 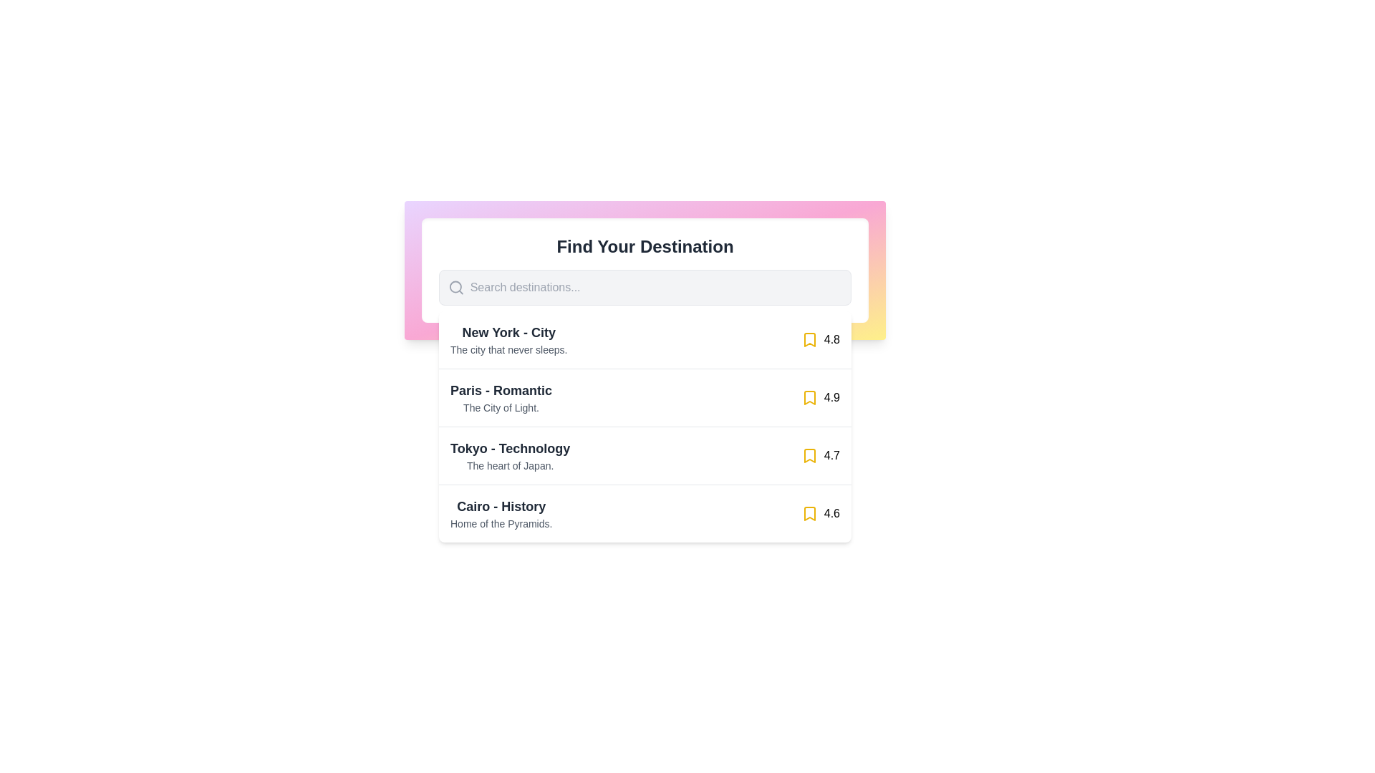 What do you see at coordinates (455, 287) in the screenshot?
I see `the search icon located to the far left inside the rounded input field before the 'Search destinations...' text input placeholder` at bounding box center [455, 287].